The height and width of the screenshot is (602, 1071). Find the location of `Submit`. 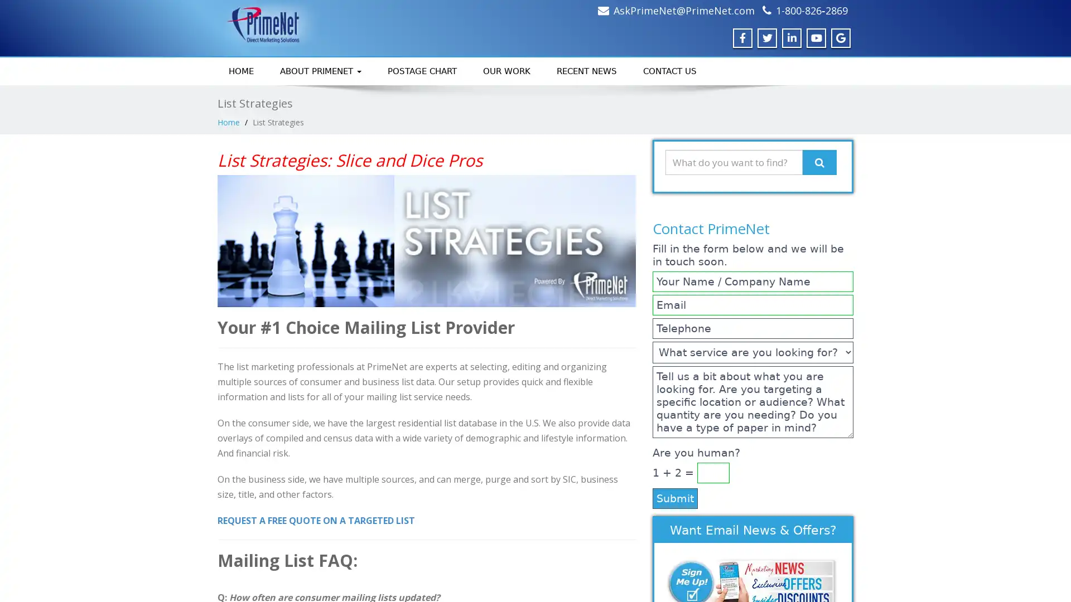

Submit is located at coordinates (674, 497).